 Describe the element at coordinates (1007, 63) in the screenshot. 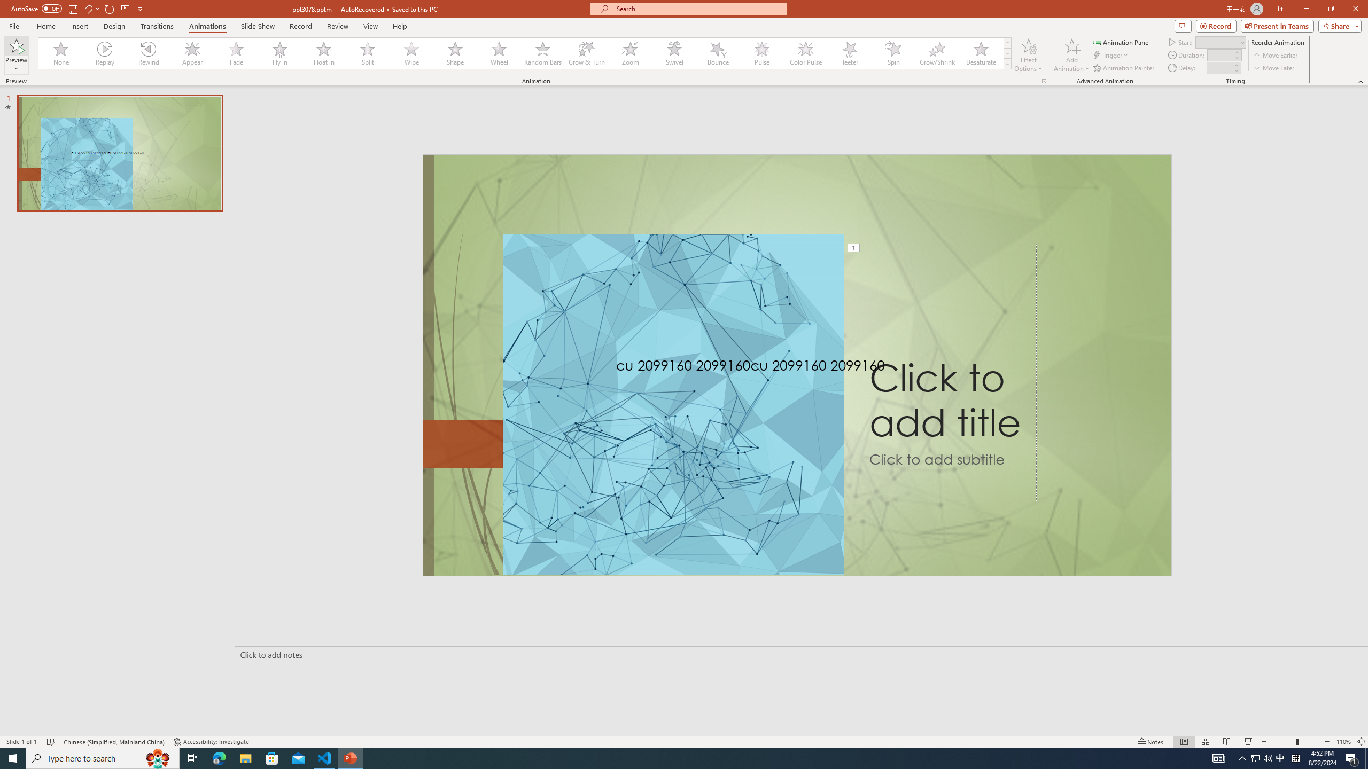

I see `'Animation Styles'` at that location.